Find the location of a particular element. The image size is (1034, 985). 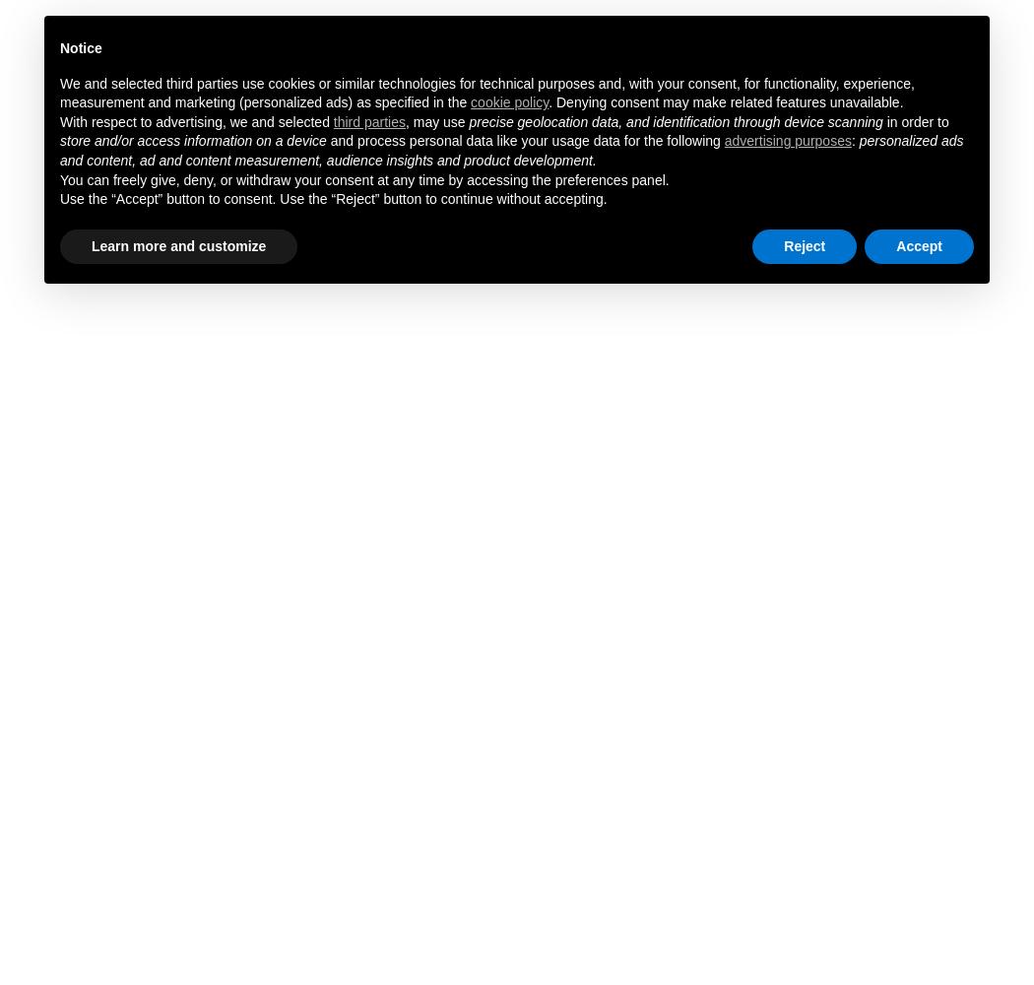

'Use the “Accept” button to consent. Use the “Reject” button to continue without accepting.' is located at coordinates (59, 198).